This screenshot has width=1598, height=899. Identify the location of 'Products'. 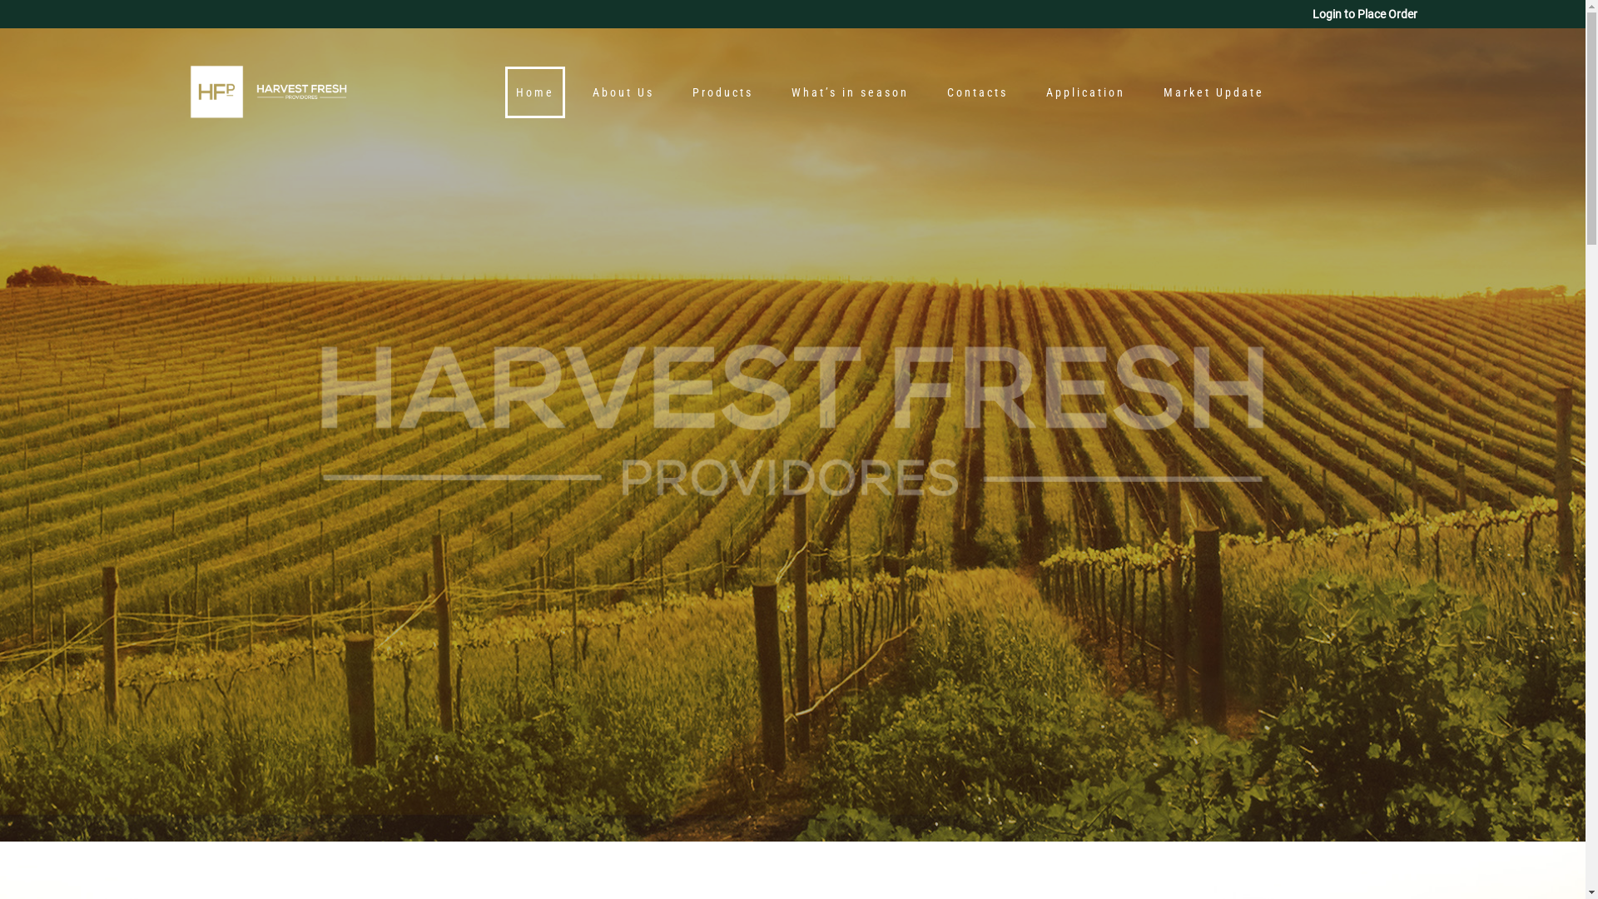
(722, 92).